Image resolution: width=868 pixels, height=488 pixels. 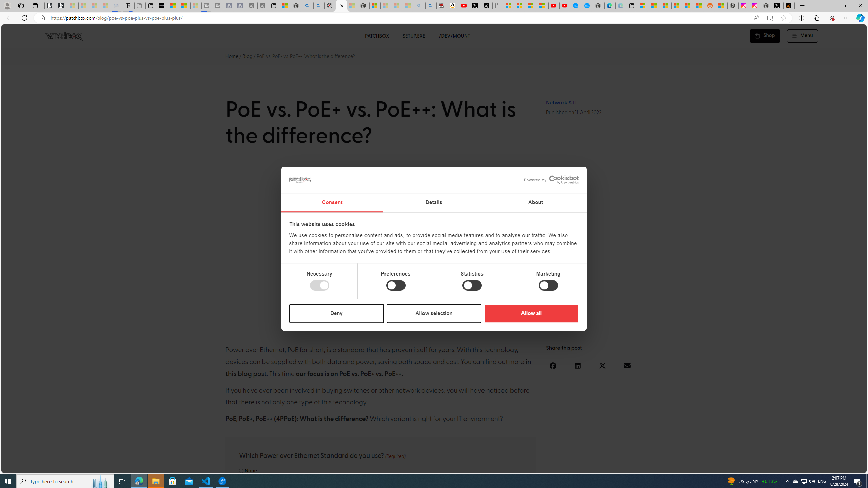 I want to click on '/DEV/MOUNT', so click(x=455, y=36).